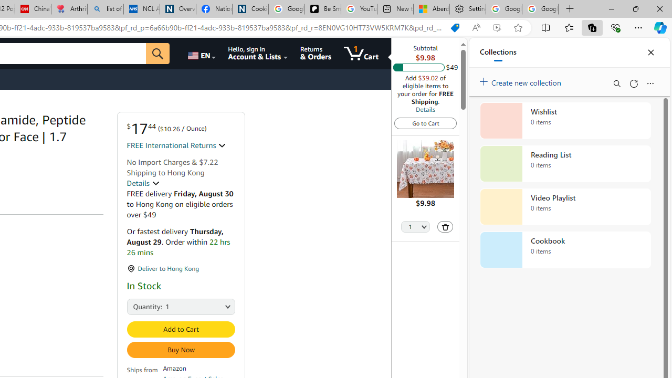 Image resolution: width=672 pixels, height=378 pixels. Describe the element at coordinates (249, 9) in the screenshot. I see `'Cookies'` at that location.